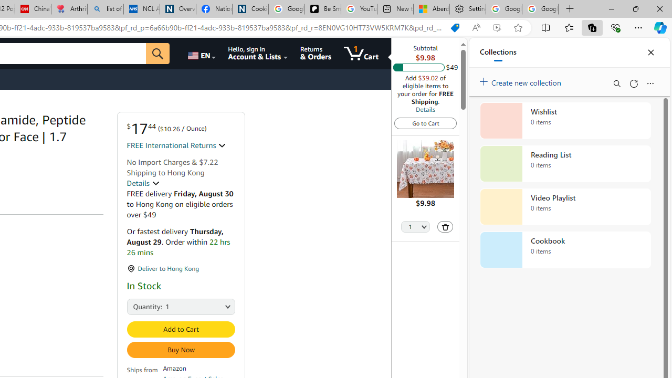 Image resolution: width=672 pixels, height=378 pixels. Describe the element at coordinates (249, 9) in the screenshot. I see `'Cookies'` at that location.